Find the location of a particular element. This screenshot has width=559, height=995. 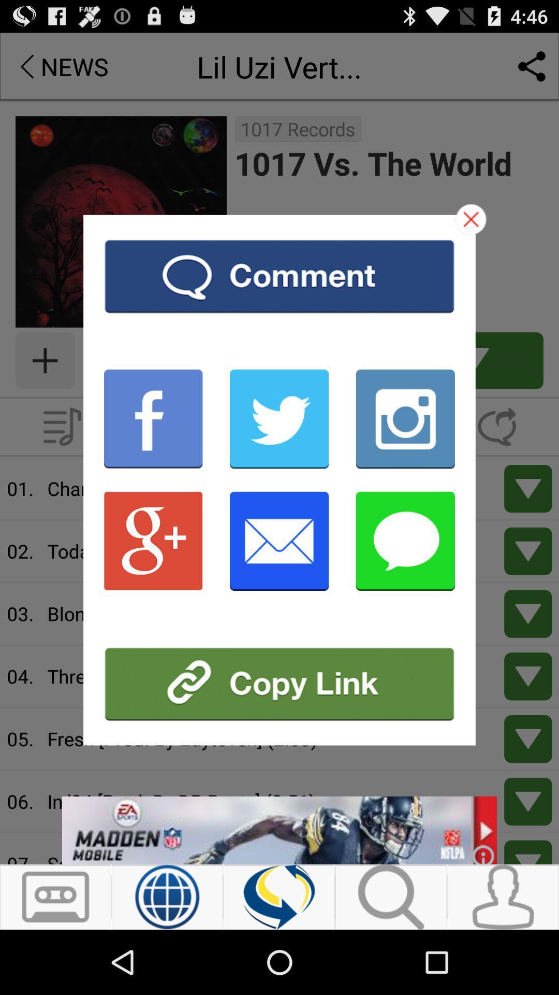

comment is located at coordinates (279, 276).